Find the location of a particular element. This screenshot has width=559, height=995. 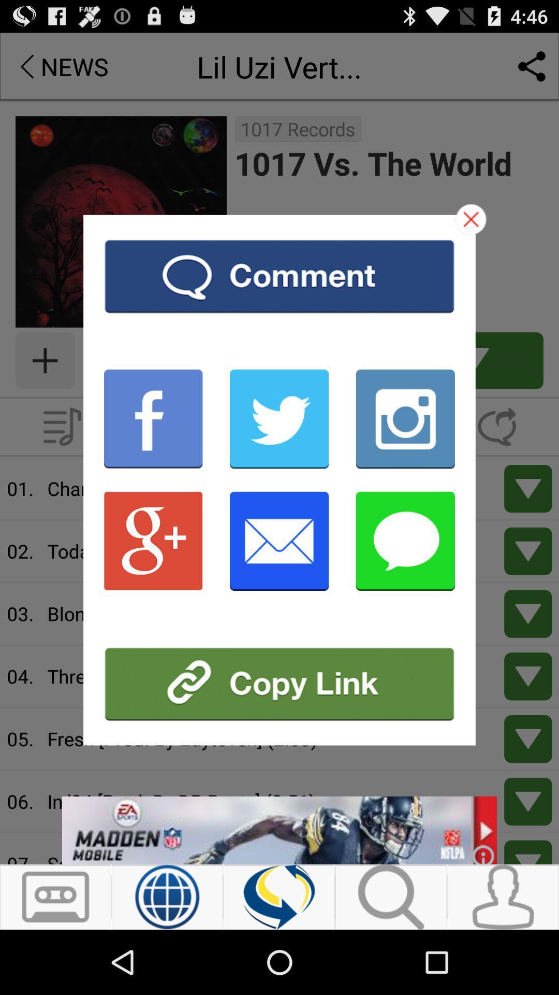

comment is located at coordinates (279, 276).